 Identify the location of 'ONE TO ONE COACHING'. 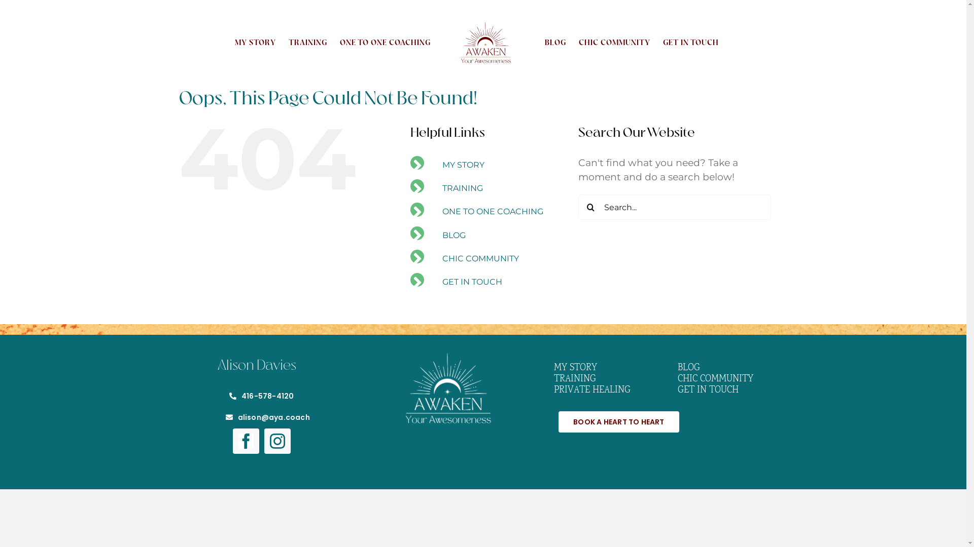
(493, 211).